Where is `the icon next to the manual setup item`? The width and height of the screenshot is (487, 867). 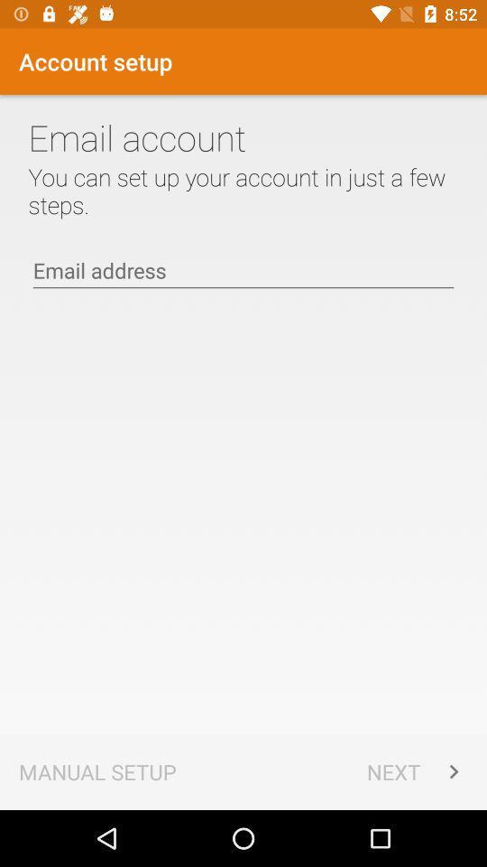 the icon next to the manual setup item is located at coordinates (417, 770).